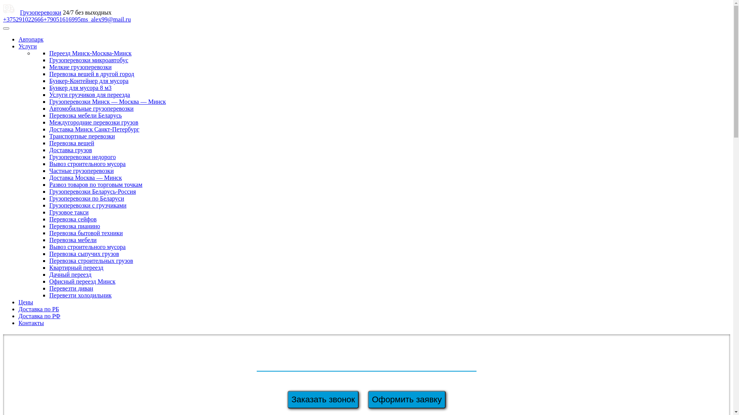 This screenshot has width=739, height=415. I want to click on 'ms_alex99@mail.ru', so click(81, 19).